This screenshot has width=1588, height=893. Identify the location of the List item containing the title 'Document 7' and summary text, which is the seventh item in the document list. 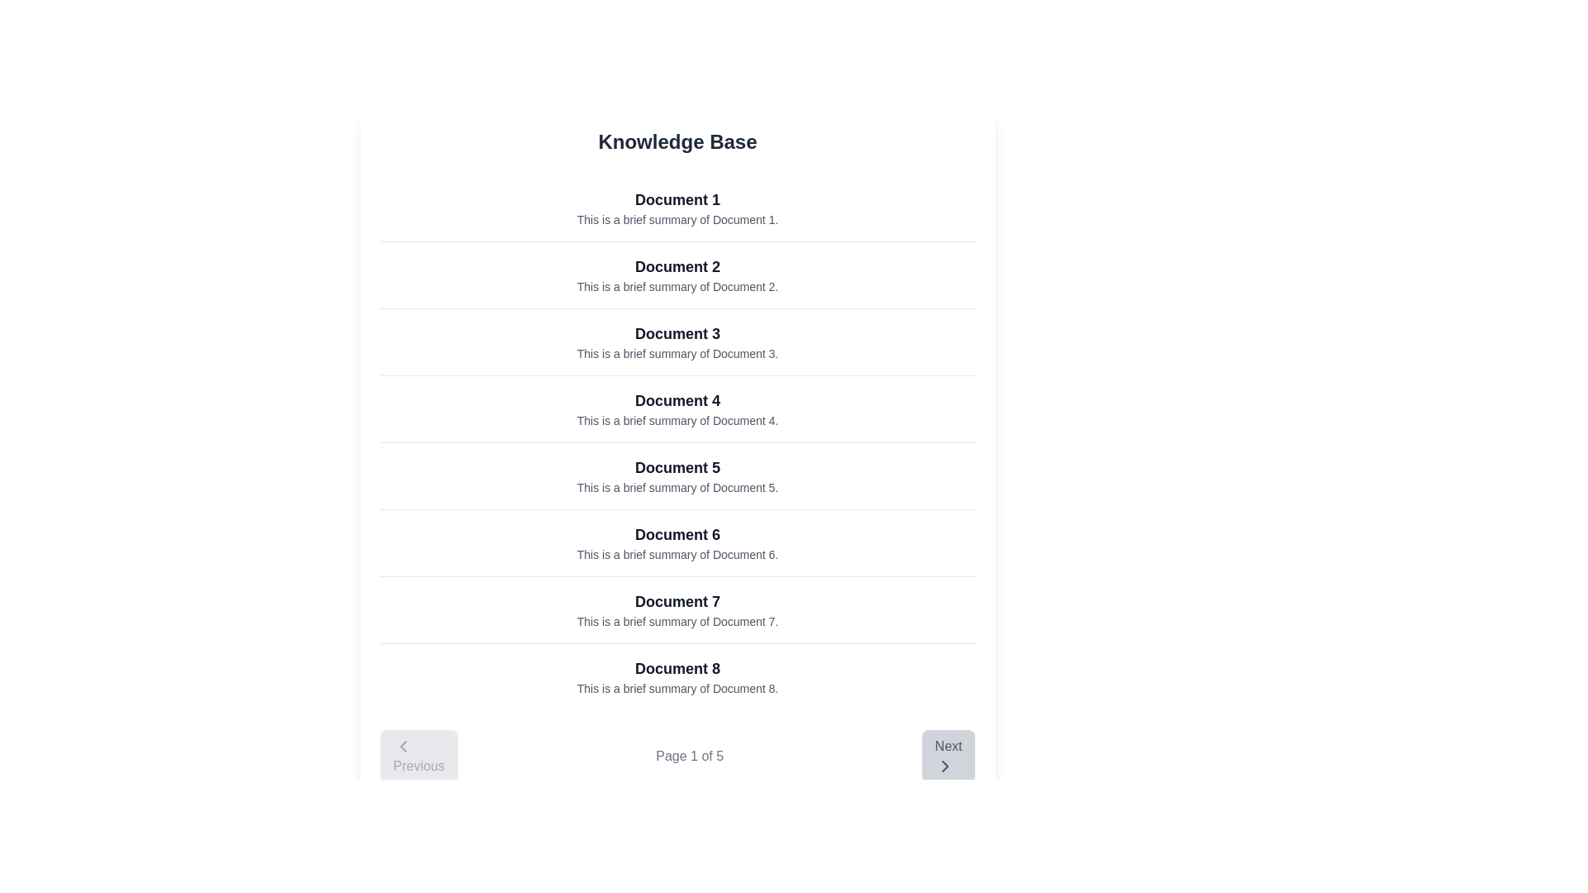
(677, 609).